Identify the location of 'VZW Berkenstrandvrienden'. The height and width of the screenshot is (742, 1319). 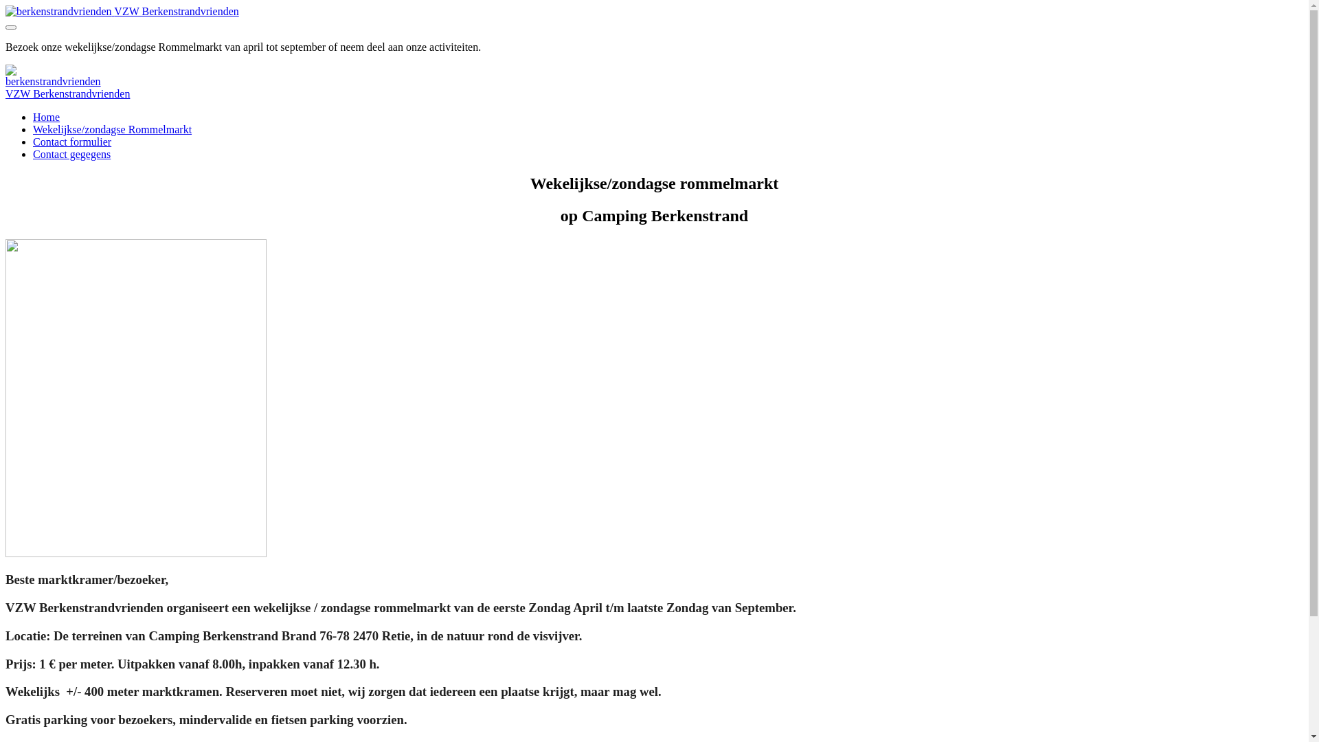
(67, 93).